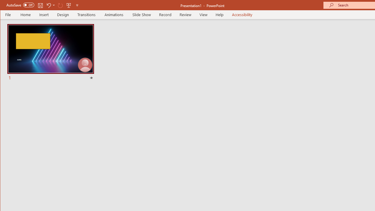  What do you see at coordinates (20, 5) in the screenshot?
I see `'AutoSave'` at bounding box center [20, 5].